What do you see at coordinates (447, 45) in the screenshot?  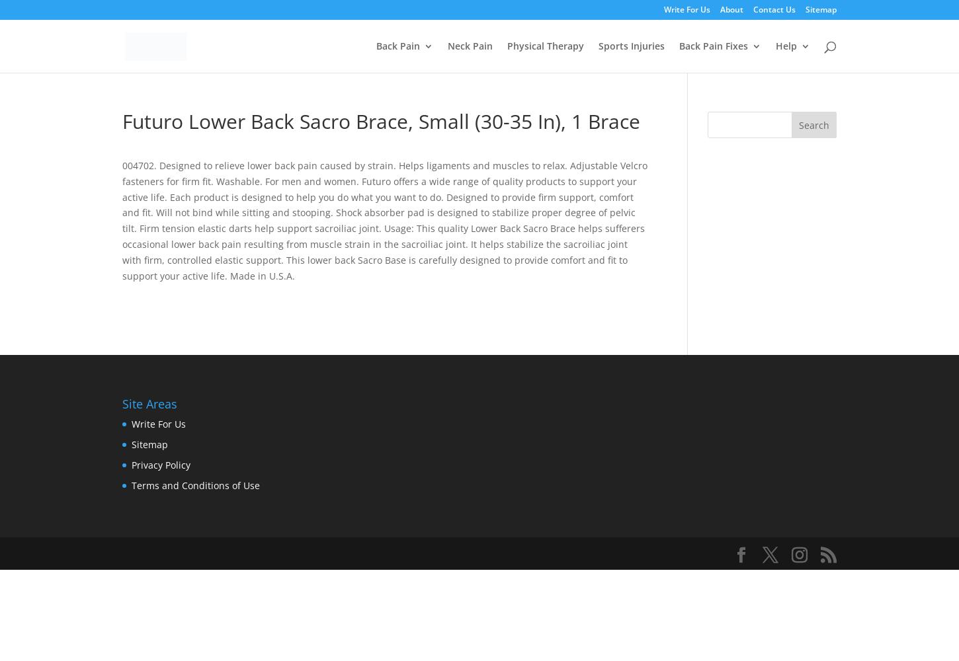 I see `'Neck Pain'` at bounding box center [447, 45].